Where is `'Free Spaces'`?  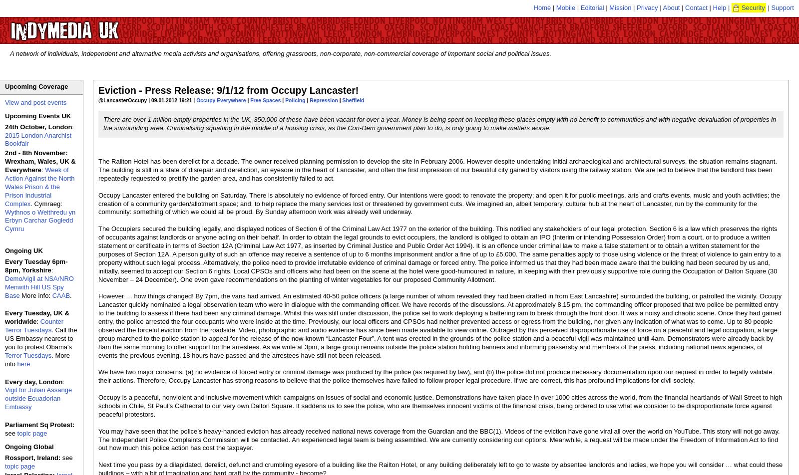 'Free Spaces' is located at coordinates (265, 100).